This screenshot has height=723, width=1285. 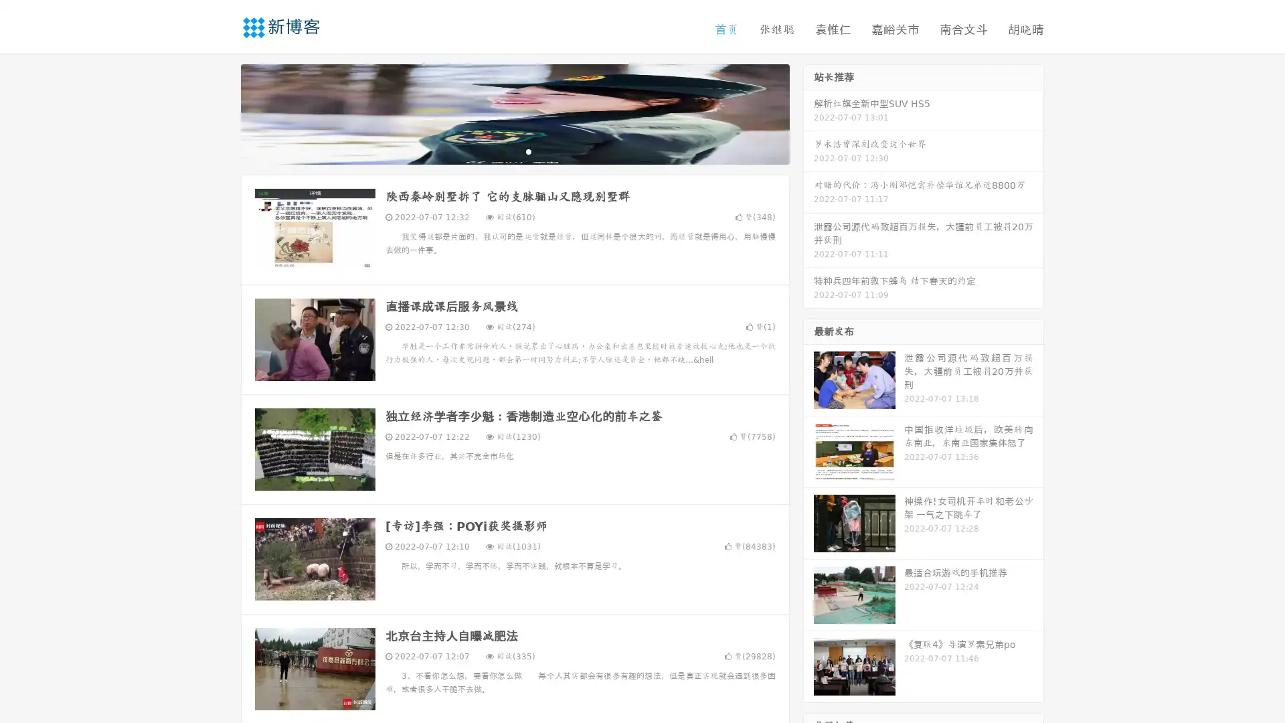 What do you see at coordinates (808, 112) in the screenshot?
I see `Next slide` at bounding box center [808, 112].